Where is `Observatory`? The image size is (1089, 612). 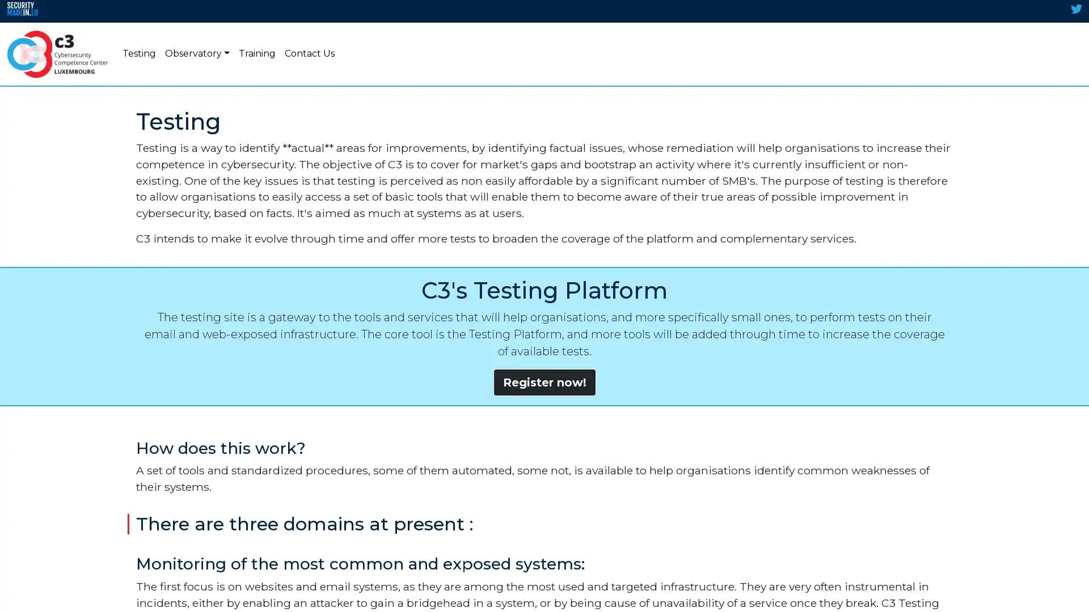 Observatory is located at coordinates (197, 54).